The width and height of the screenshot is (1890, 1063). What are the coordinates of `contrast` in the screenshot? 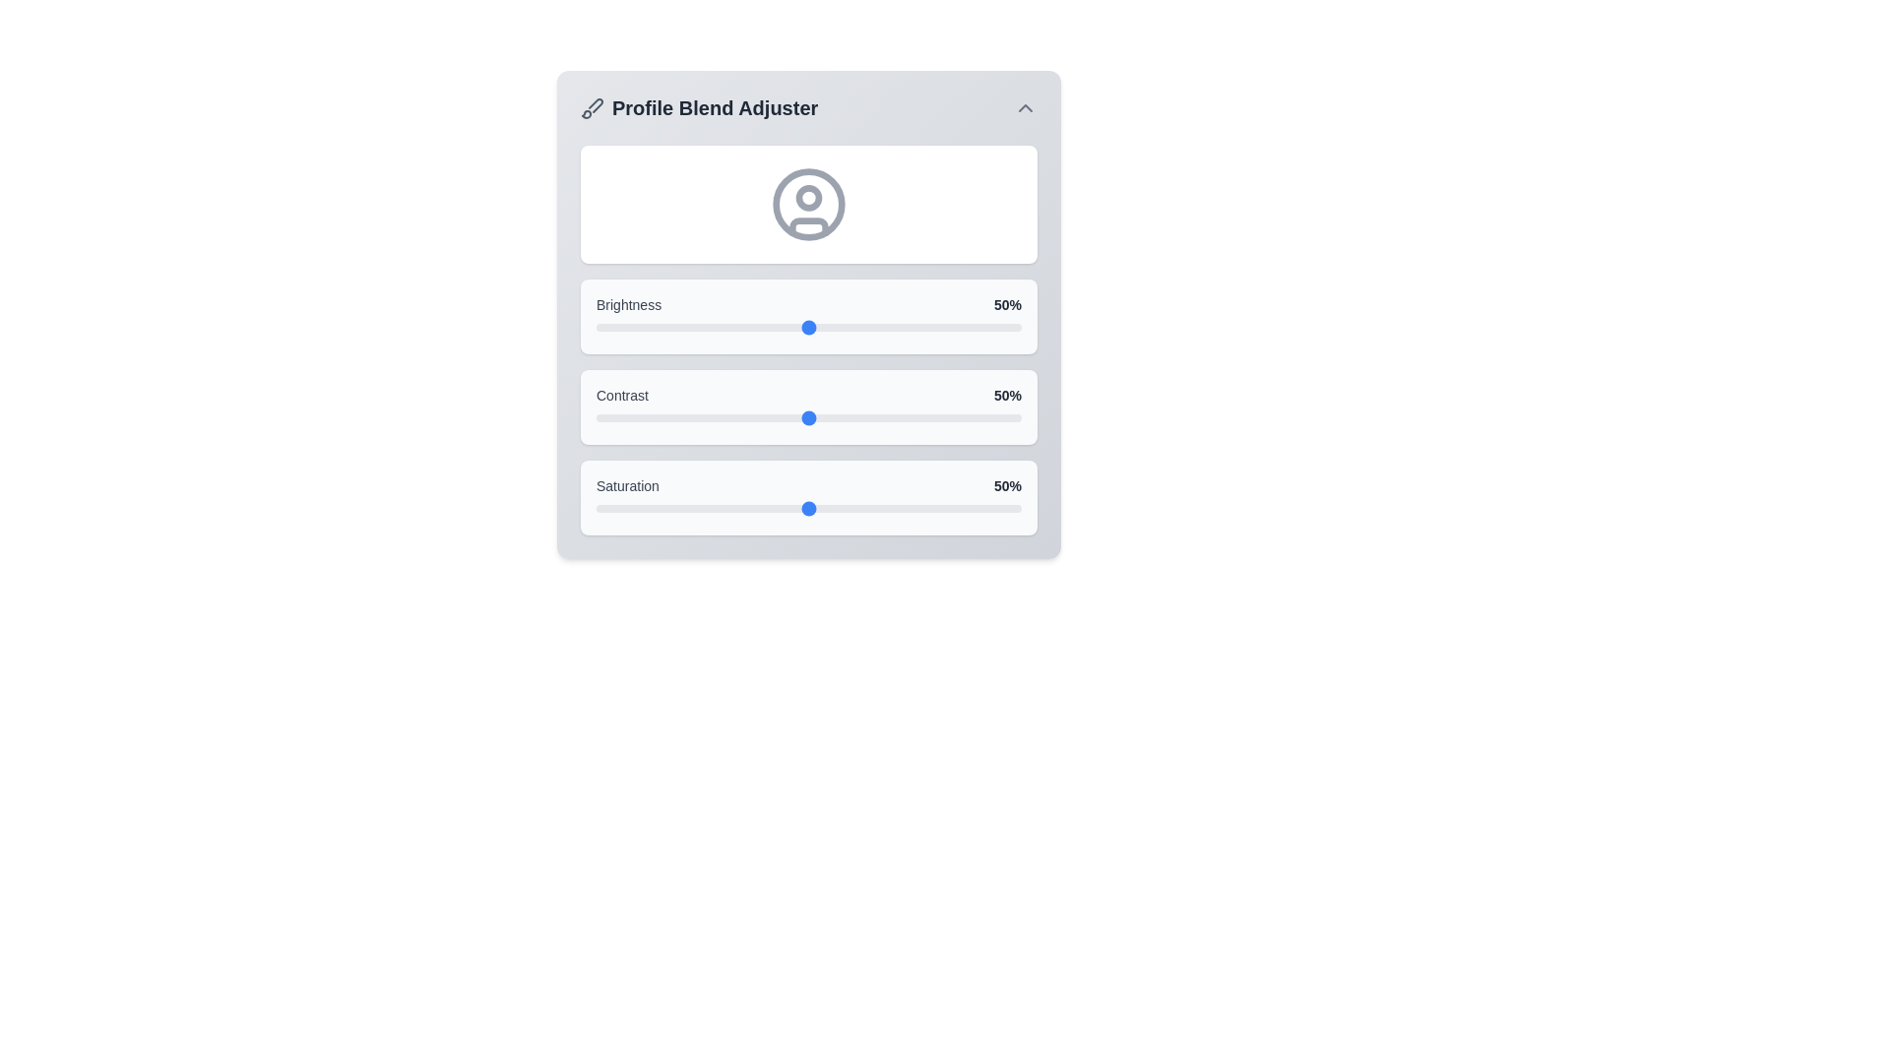 It's located at (1000, 416).